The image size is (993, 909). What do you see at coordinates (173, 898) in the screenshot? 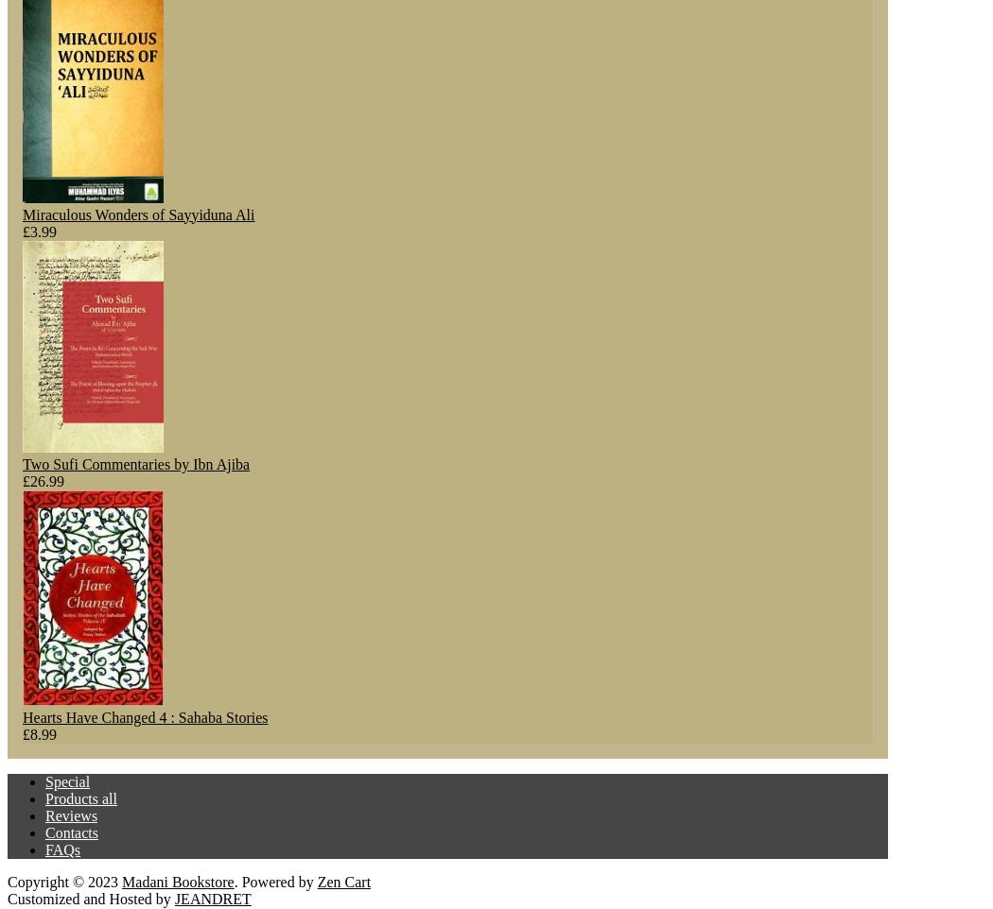
I see `'JEANDRET'` at bounding box center [173, 898].